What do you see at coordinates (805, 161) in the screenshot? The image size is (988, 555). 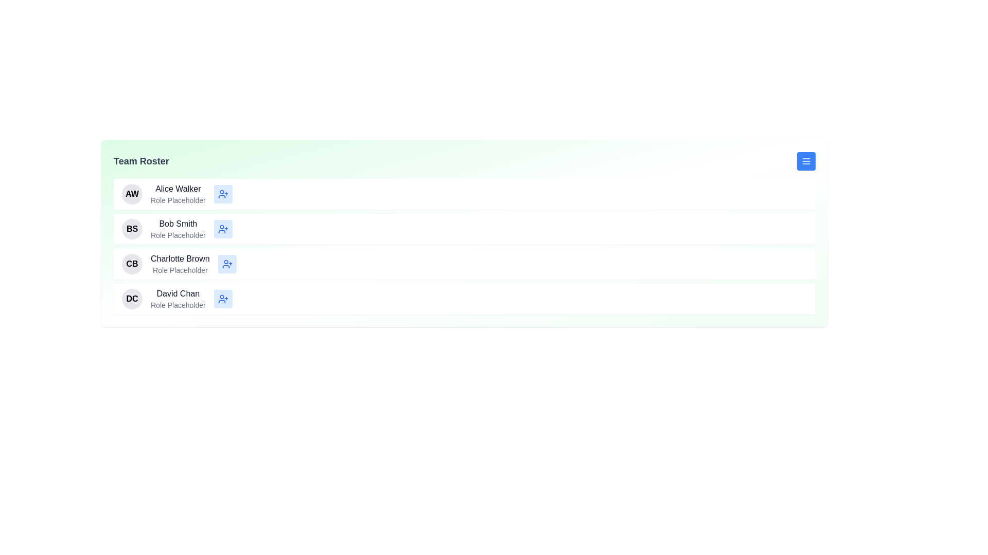 I see `the circular blue button with a white three-line menu icon, located at the far top-right corner of the 'Team Roster' header section` at bounding box center [805, 161].